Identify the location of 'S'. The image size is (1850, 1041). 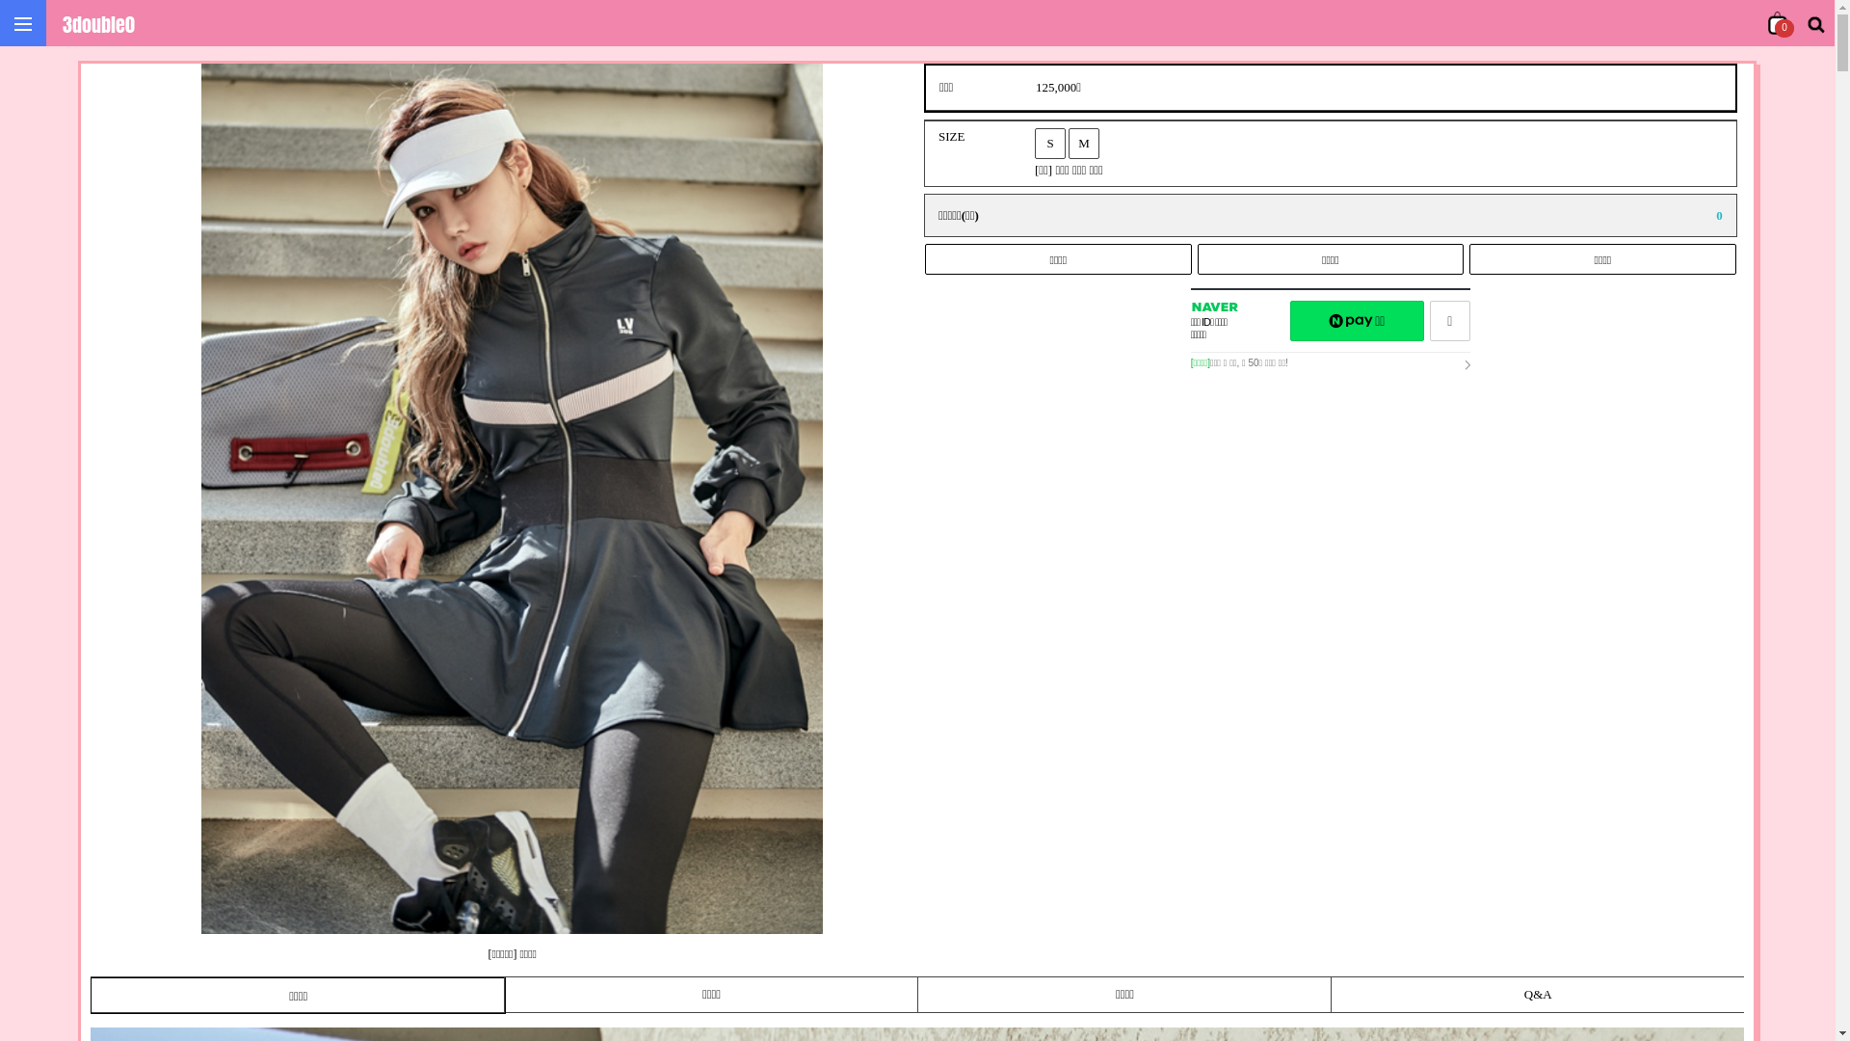
(1035, 143).